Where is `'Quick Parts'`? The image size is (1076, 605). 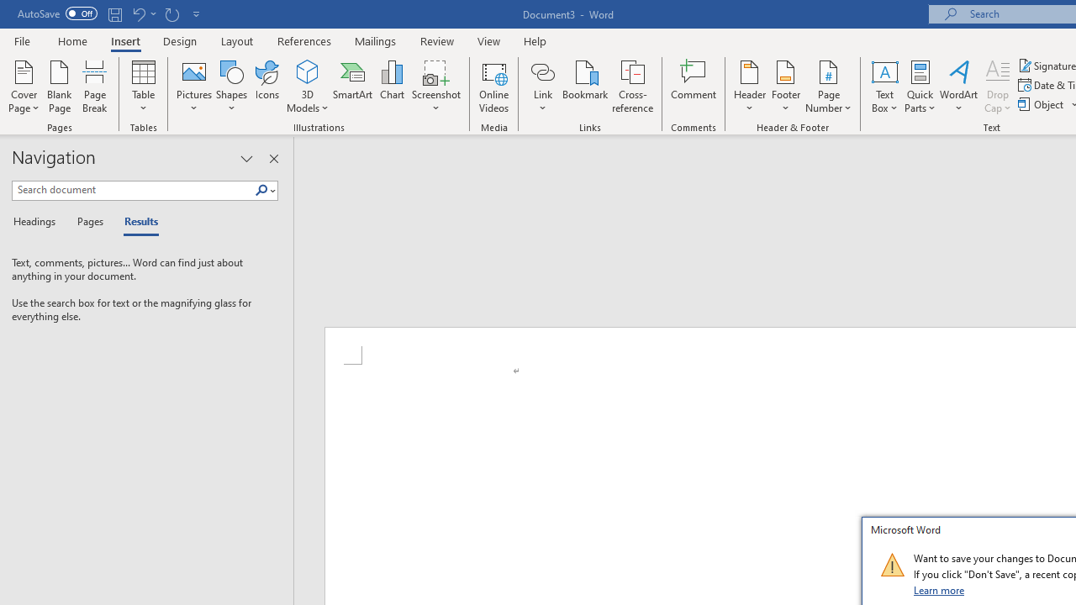 'Quick Parts' is located at coordinates (920, 87).